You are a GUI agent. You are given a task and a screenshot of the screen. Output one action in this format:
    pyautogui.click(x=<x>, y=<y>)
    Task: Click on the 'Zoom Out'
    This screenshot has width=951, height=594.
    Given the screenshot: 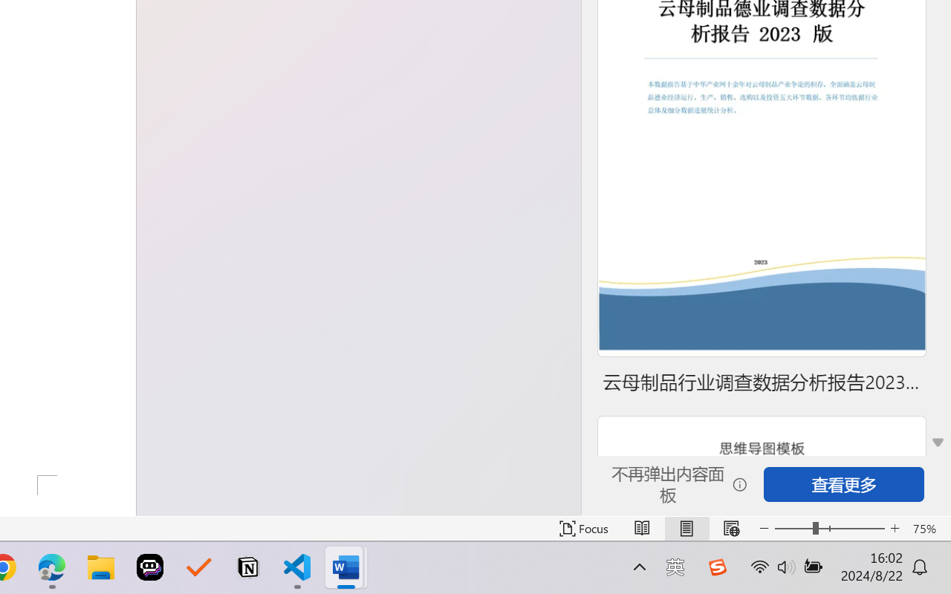 What is the action you would take?
    pyautogui.click(x=793, y=528)
    